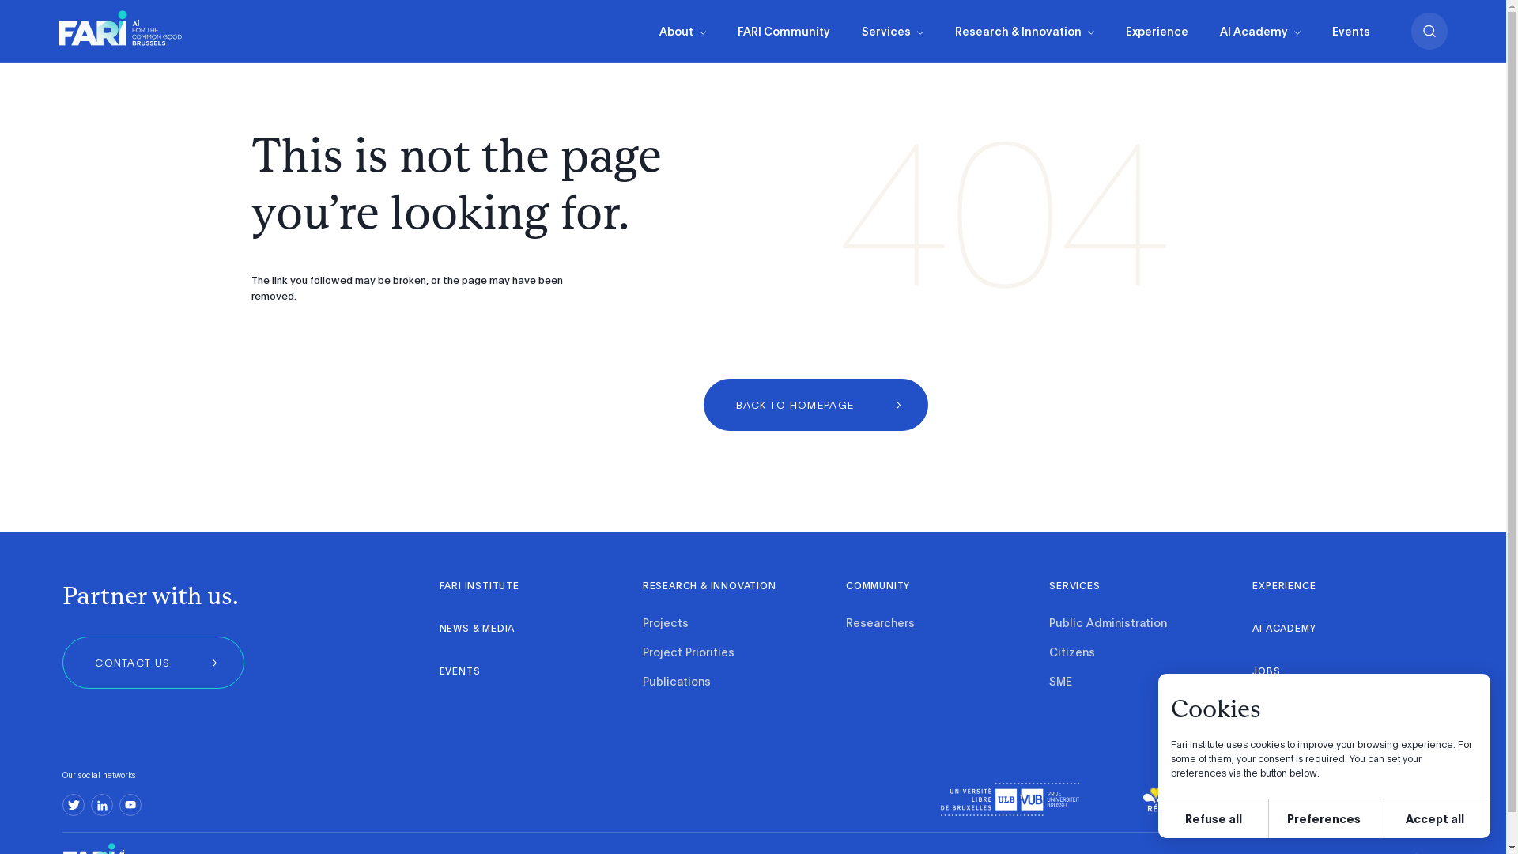 The image size is (1518, 854). Describe the element at coordinates (1074, 586) in the screenshot. I see `'SERVICES'` at that location.